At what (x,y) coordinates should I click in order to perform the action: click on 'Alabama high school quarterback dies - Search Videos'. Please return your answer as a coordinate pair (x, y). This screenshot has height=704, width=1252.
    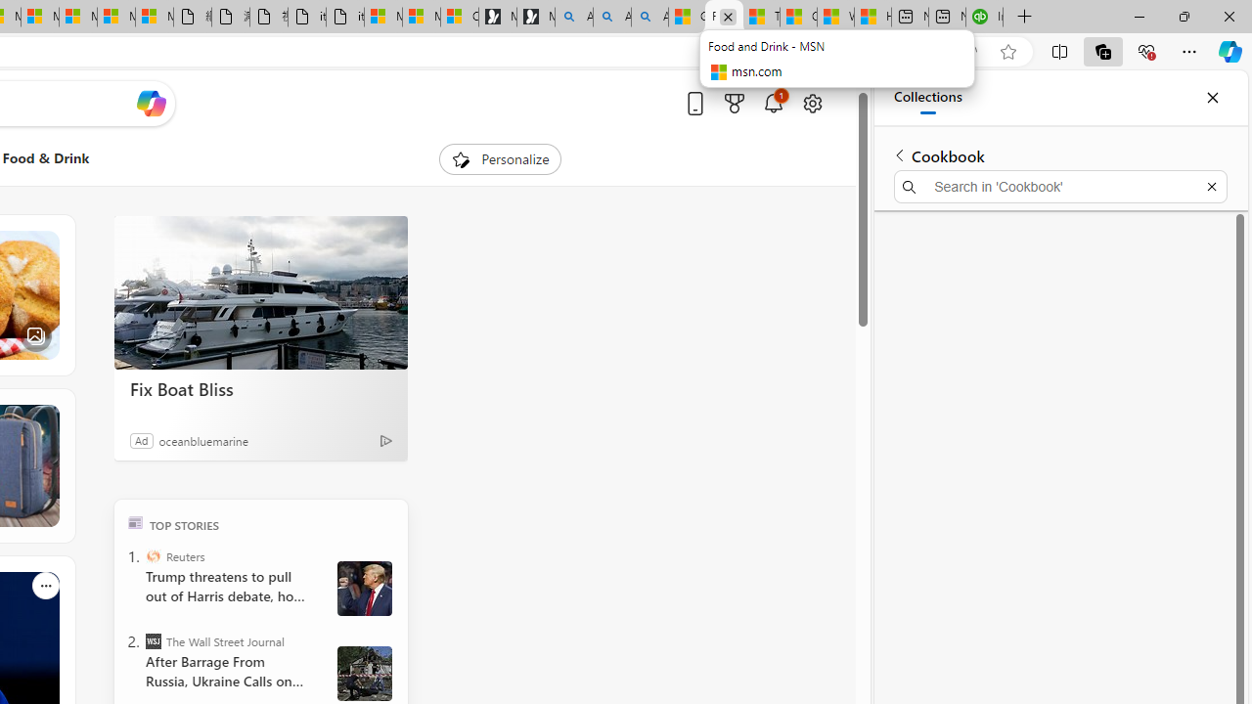
    Looking at the image, I should click on (649, 17).